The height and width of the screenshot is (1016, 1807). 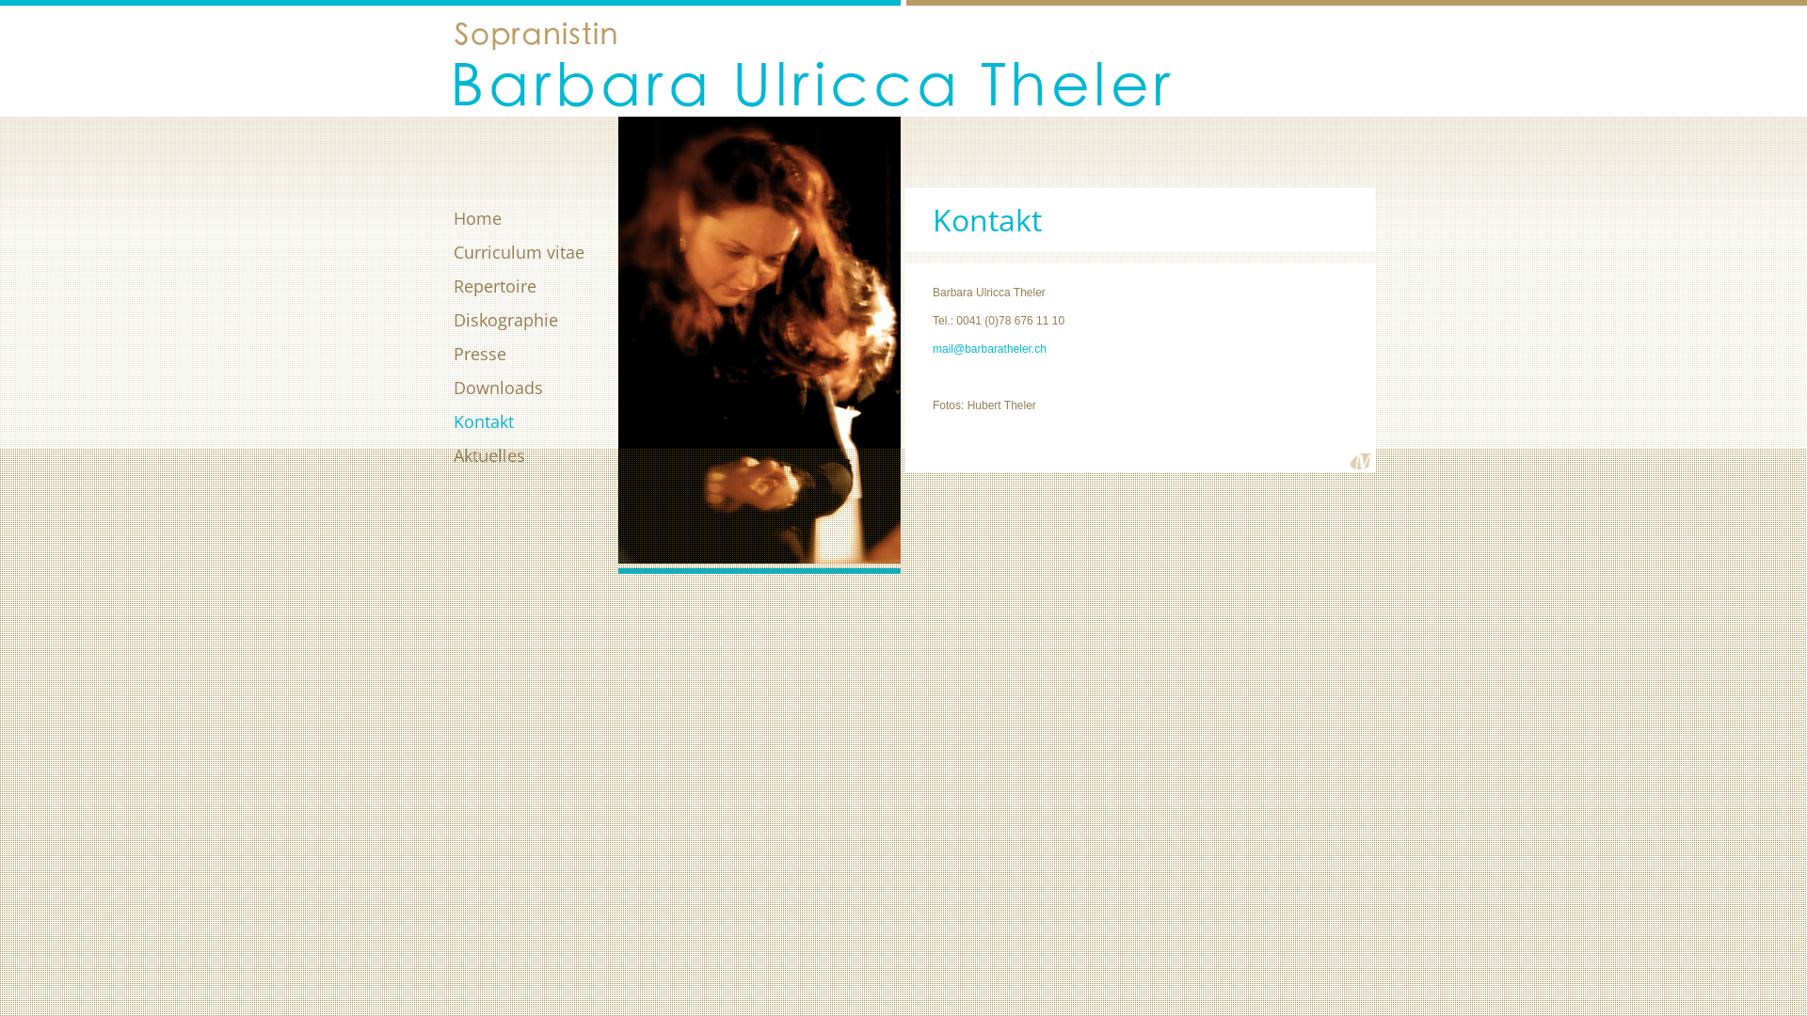 I want to click on 'Downloads', so click(x=535, y=387).